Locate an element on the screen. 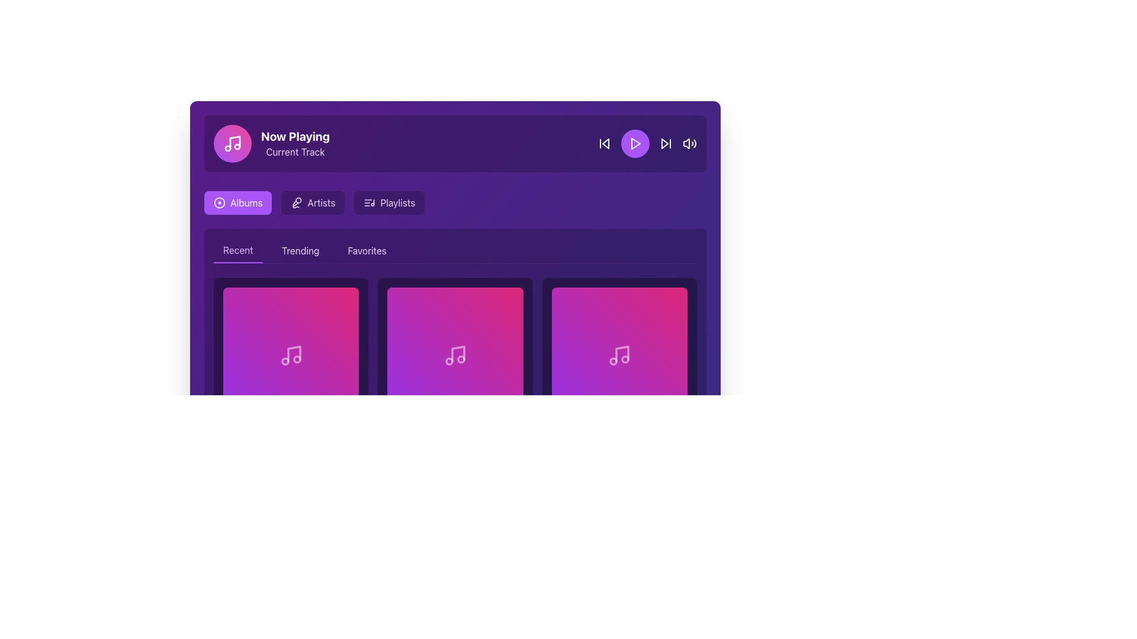 The image size is (1137, 639). the circular purple button with a white triangular play icon, which is the third item in a horizontal row of controls at the top right of the interface is located at coordinates (635, 143).